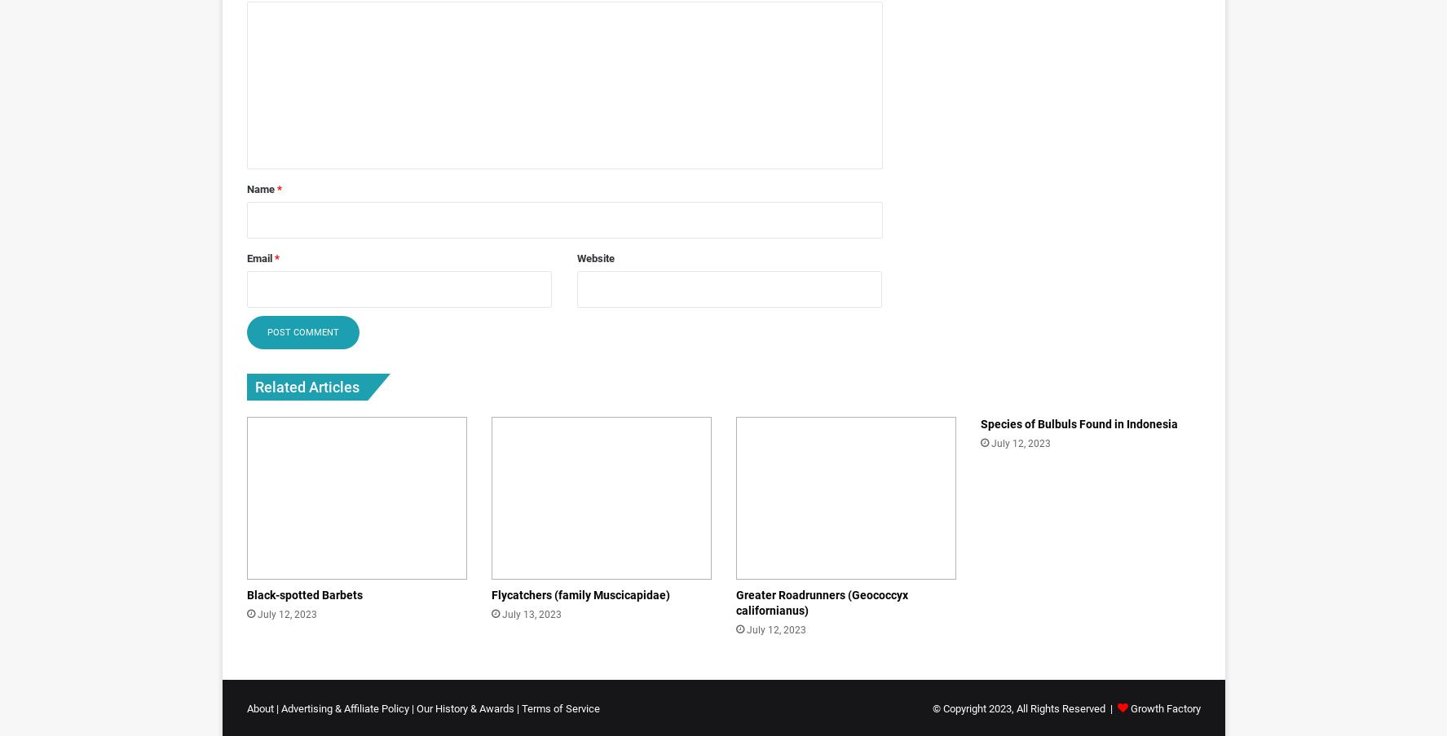 The height and width of the screenshot is (736, 1447). What do you see at coordinates (305, 385) in the screenshot?
I see `'Related Articles'` at bounding box center [305, 385].